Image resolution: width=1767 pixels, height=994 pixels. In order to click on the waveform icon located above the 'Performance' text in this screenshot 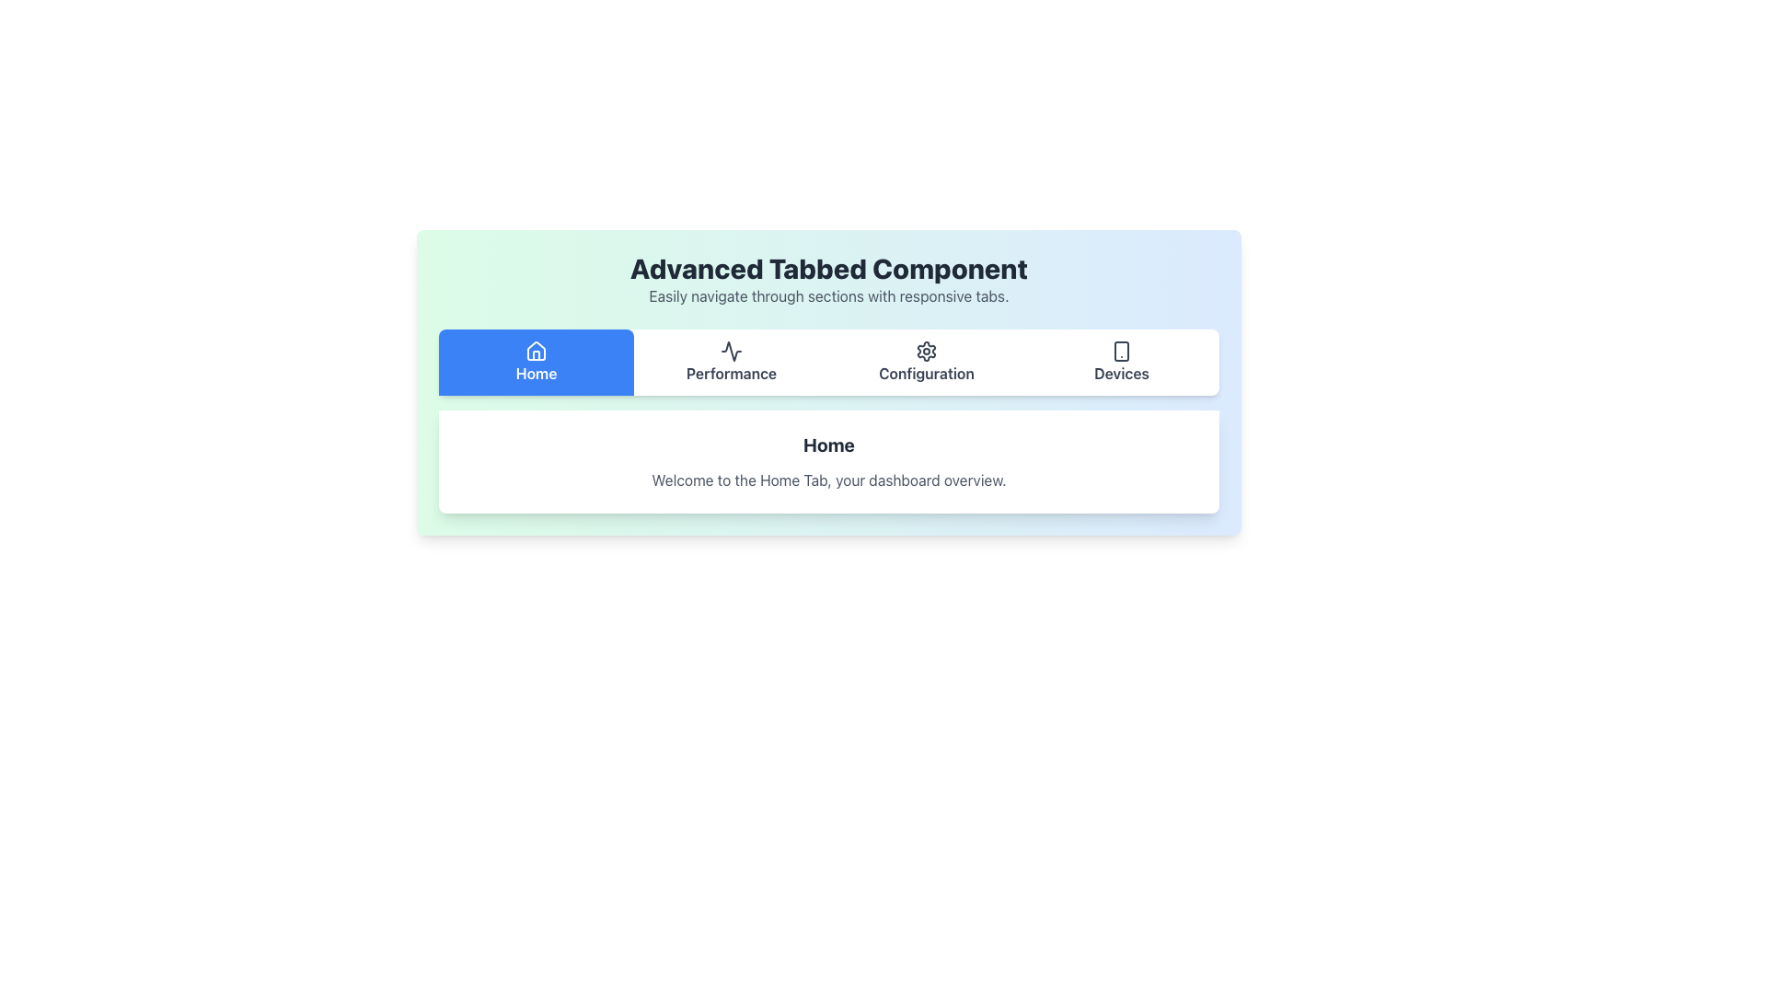, I will do `click(731, 351)`.